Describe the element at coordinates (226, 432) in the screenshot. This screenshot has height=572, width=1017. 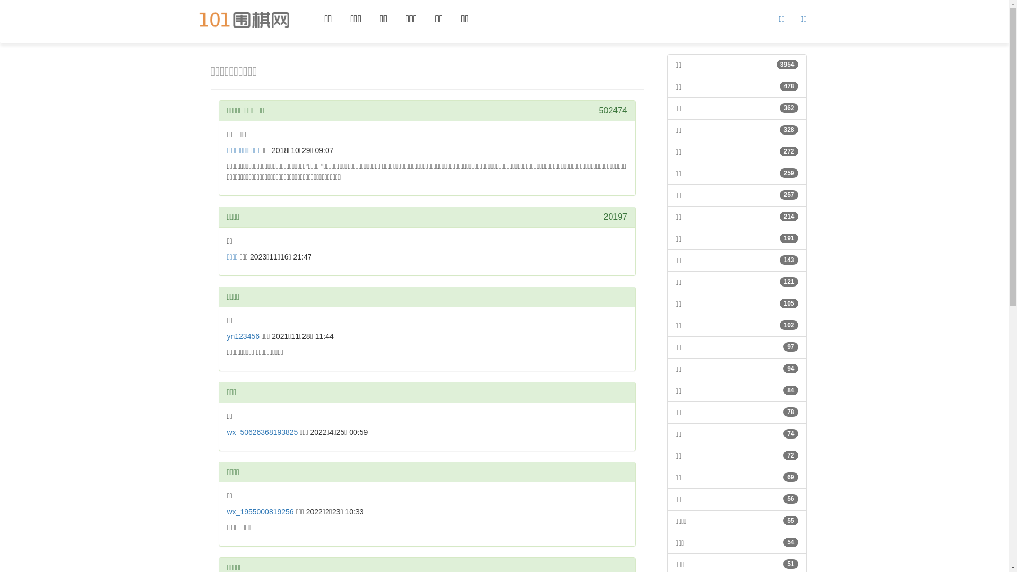
I see `'wx_50626368193825'` at that location.